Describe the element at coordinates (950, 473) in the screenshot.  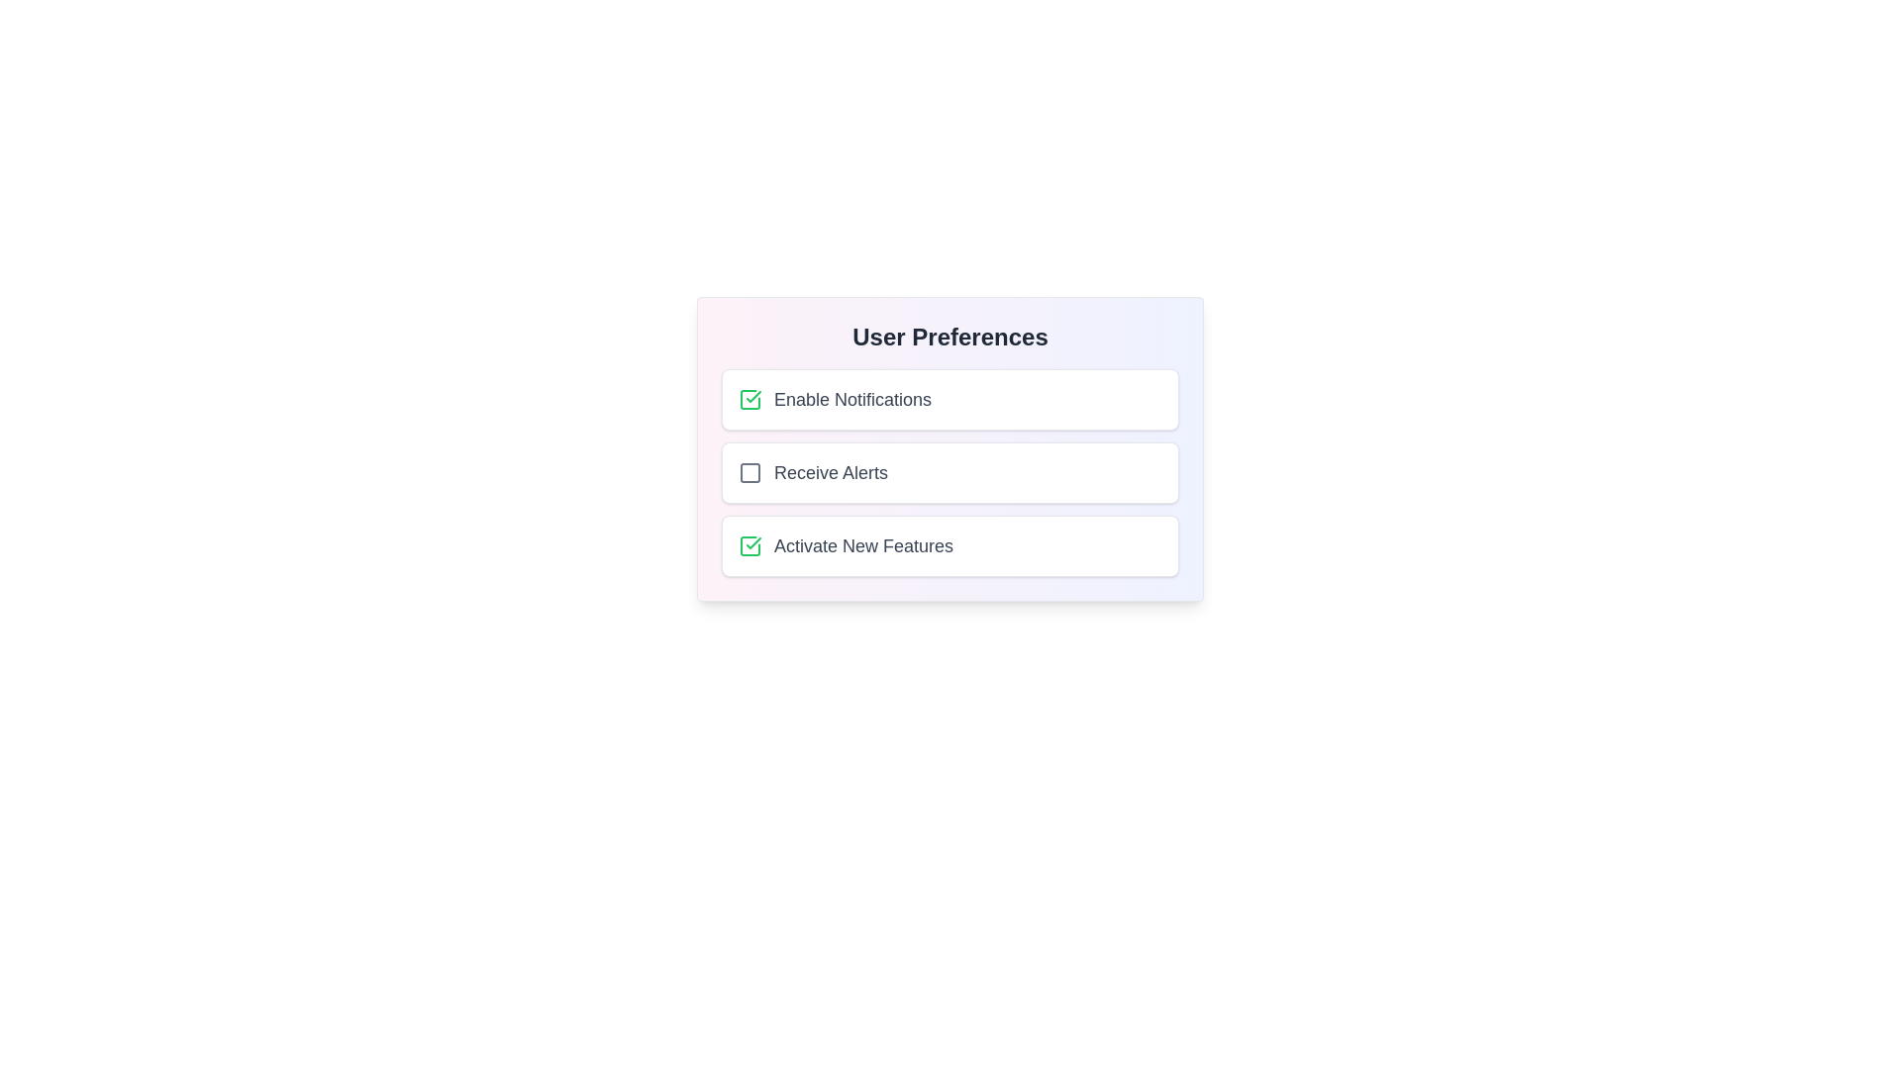
I see `the 'Receive Alerts' checkbox element in the 'User Preferences' section` at that location.